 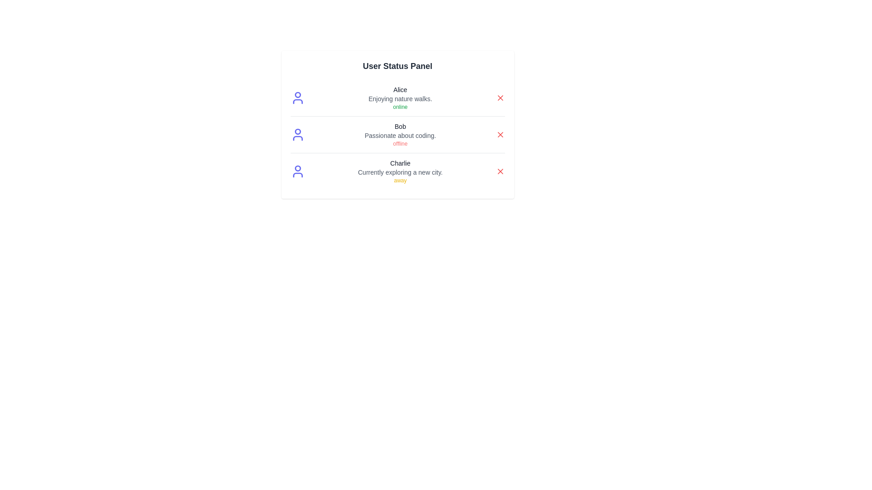 What do you see at coordinates (400, 135) in the screenshot?
I see `information displayed in the user's profile or status entry located in the middle row of the 'User Status Panel', which is aligned center-right and contains the user's name, personal note, and current status` at bounding box center [400, 135].